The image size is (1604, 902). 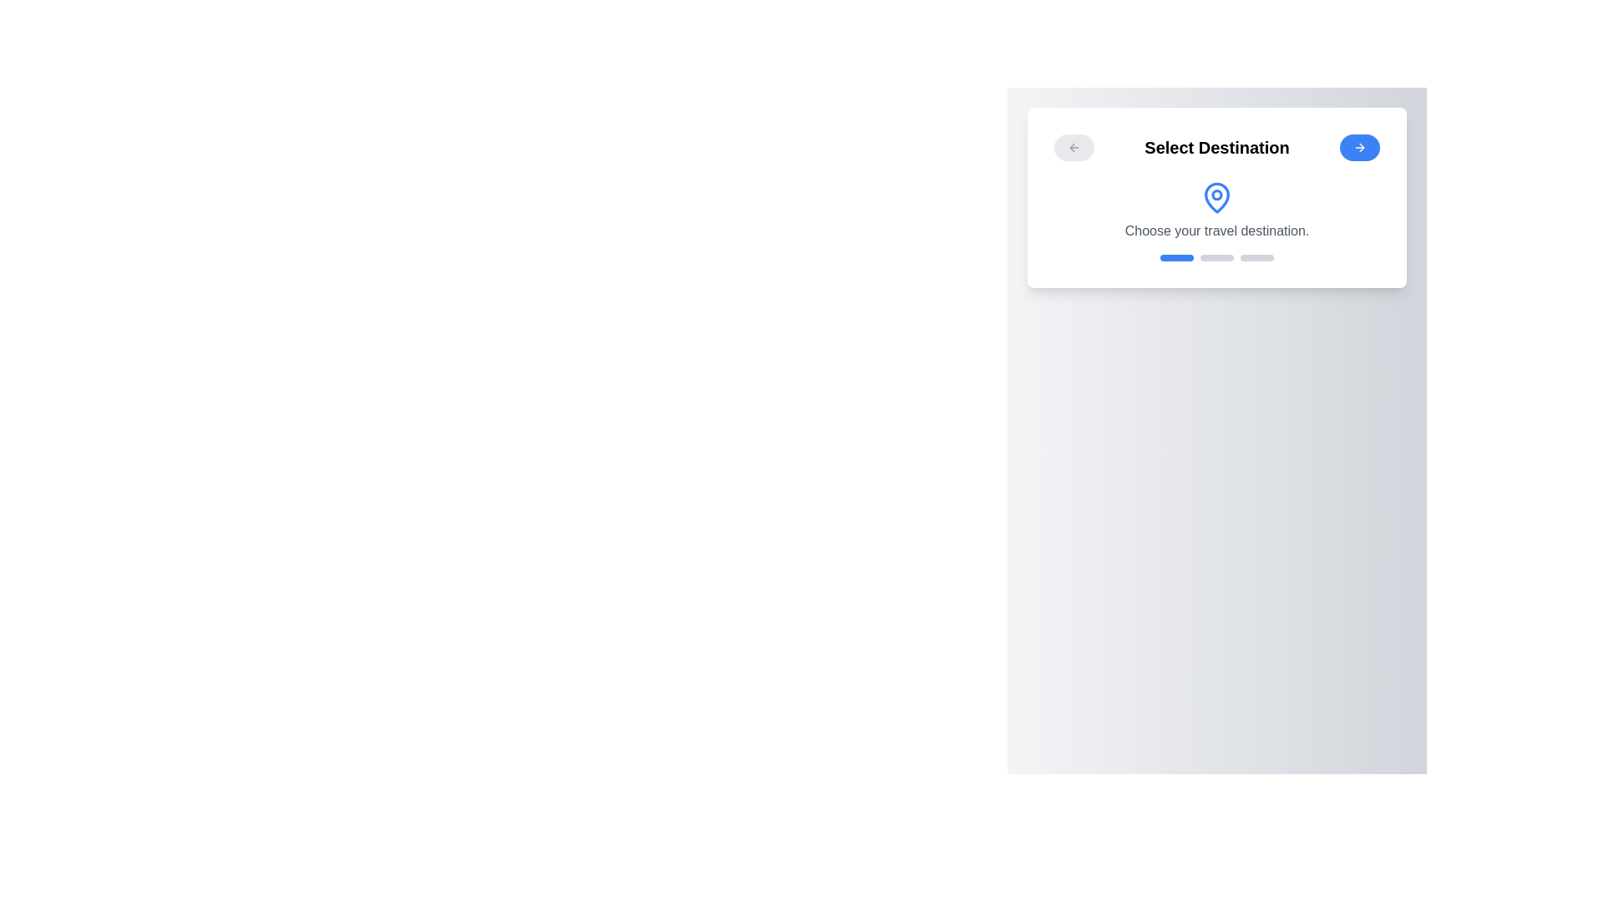 I want to click on text of the informational component located below the 'Select Destination' heading and above the horizontal progress indicator, so click(x=1217, y=210).